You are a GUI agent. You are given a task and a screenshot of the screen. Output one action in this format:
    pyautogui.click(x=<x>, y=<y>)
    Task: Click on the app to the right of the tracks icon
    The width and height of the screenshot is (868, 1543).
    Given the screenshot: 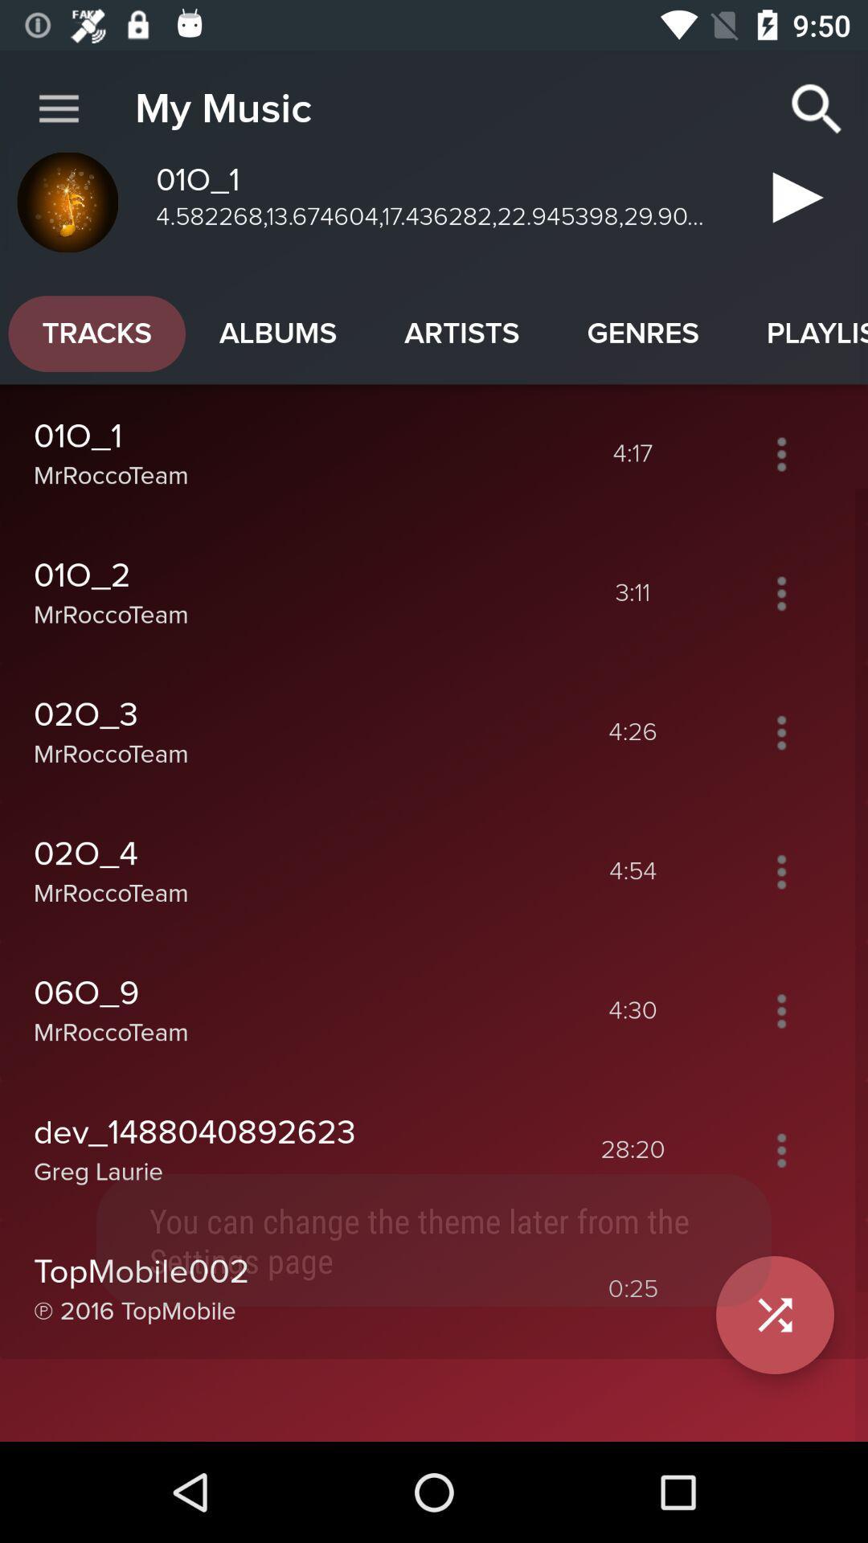 What is the action you would take?
    pyautogui.click(x=277, y=333)
    